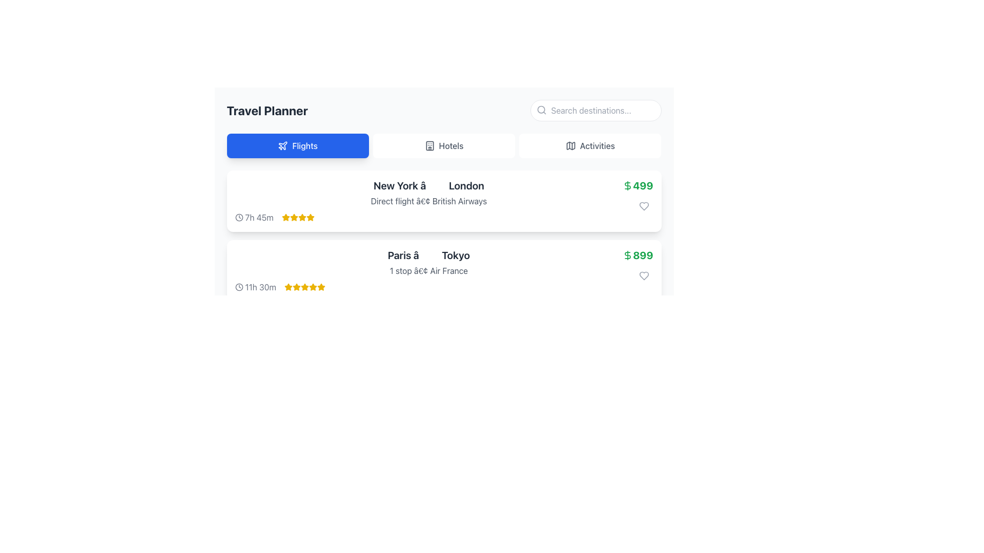 This screenshot has width=984, height=553. What do you see at coordinates (288, 287) in the screenshot?
I see `yellow star icon representing rating, which is the first in a series of five stars aligned horizontally on the second card of the travel plan to Tokyo` at bounding box center [288, 287].